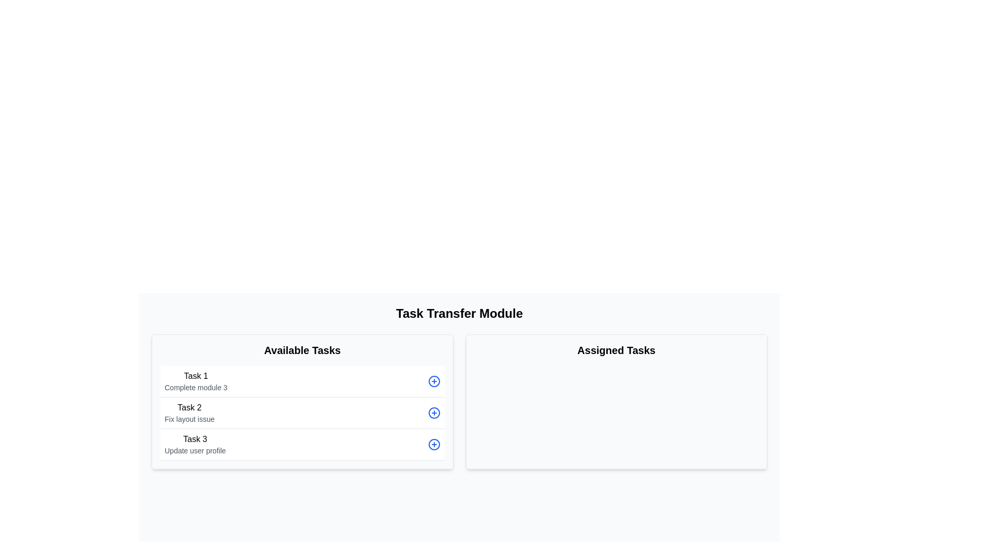 The height and width of the screenshot is (559, 994). Describe the element at coordinates (302, 381) in the screenshot. I see `the task item titled 'Task 1' with the description 'Complete module 3'` at that location.